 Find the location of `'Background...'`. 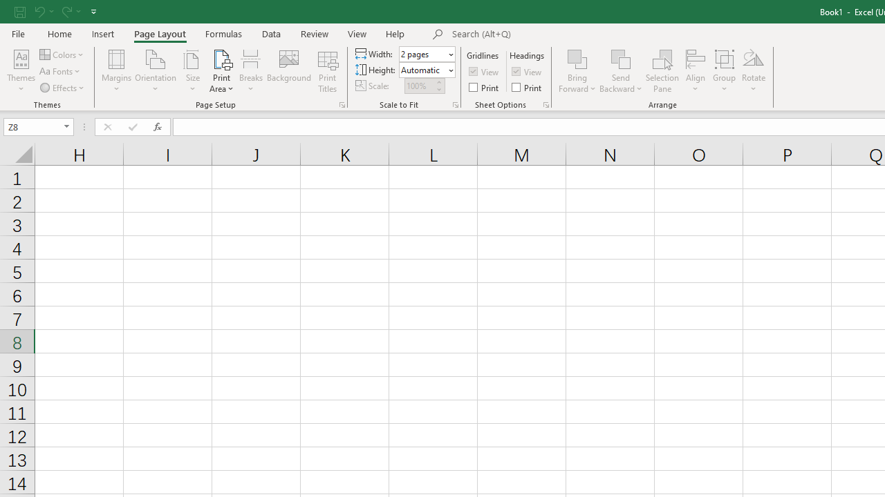

'Background...' is located at coordinates (288, 71).